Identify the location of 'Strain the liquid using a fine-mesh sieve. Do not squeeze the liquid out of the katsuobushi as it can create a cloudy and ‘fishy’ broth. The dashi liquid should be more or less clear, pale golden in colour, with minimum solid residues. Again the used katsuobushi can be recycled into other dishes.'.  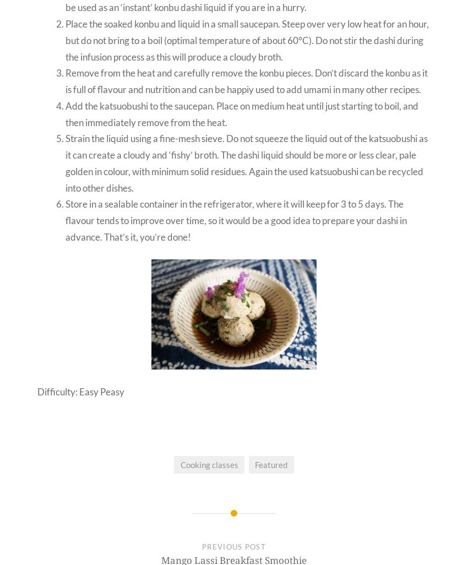
(65, 162).